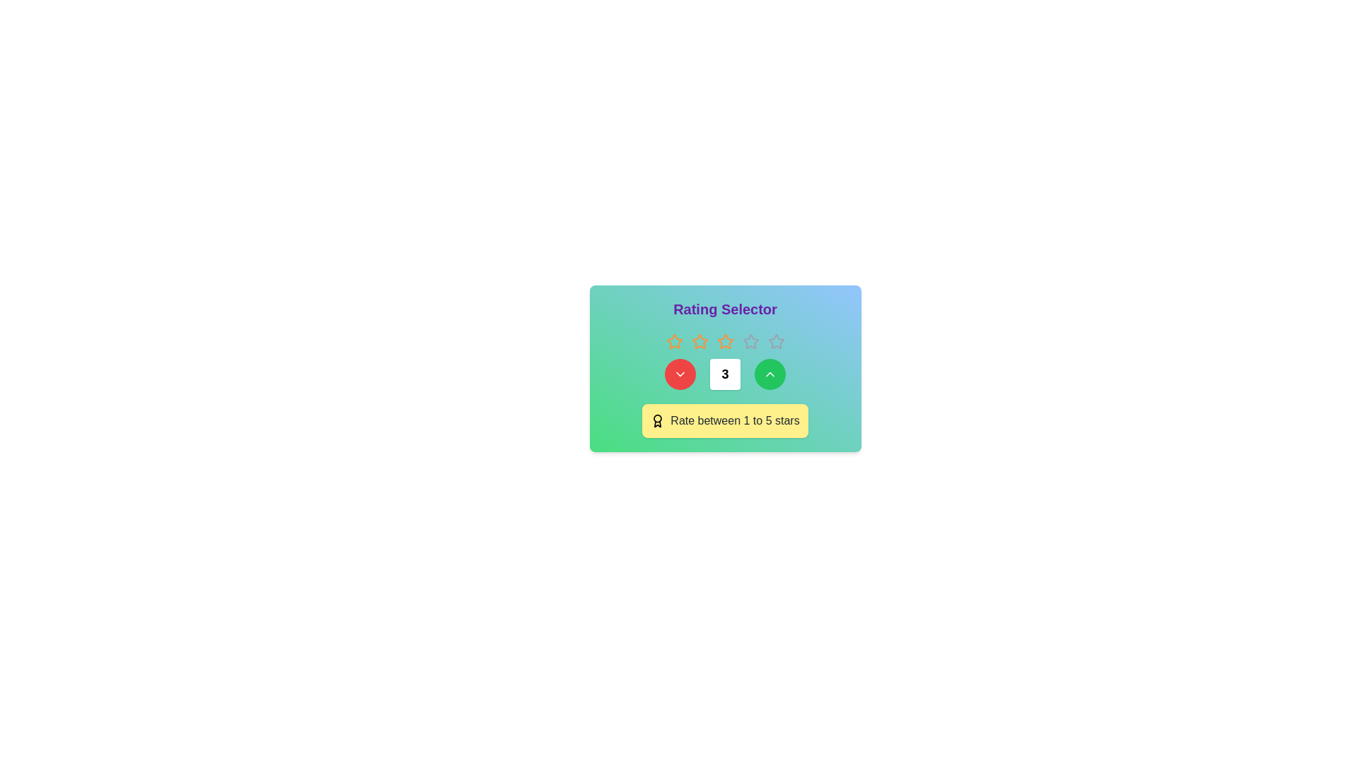  What do you see at coordinates (673, 341) in the screenshot?
I see `the second star rating icon below the 'Rating Selector' title` at bounding box center [673, 341].